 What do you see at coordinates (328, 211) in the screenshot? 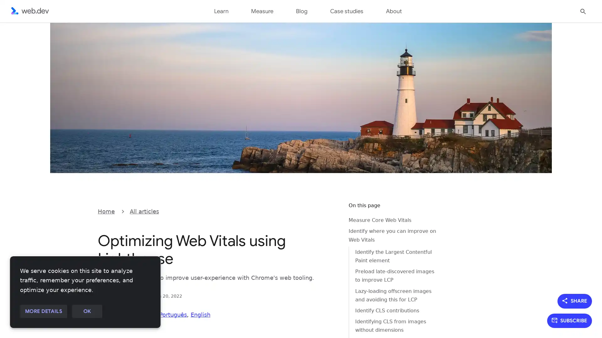
I see `Copy code` at bounding box center [328, 211].